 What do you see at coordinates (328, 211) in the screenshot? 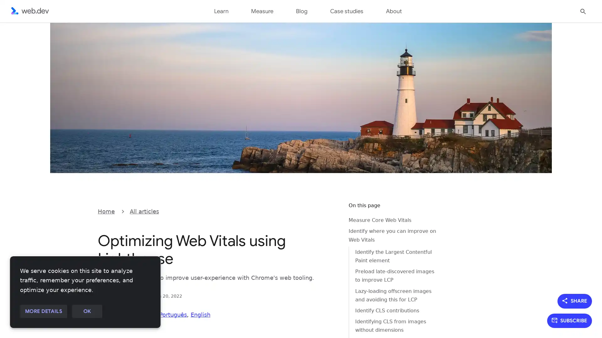
I see `Copy code` at bounding box center [328, 211].